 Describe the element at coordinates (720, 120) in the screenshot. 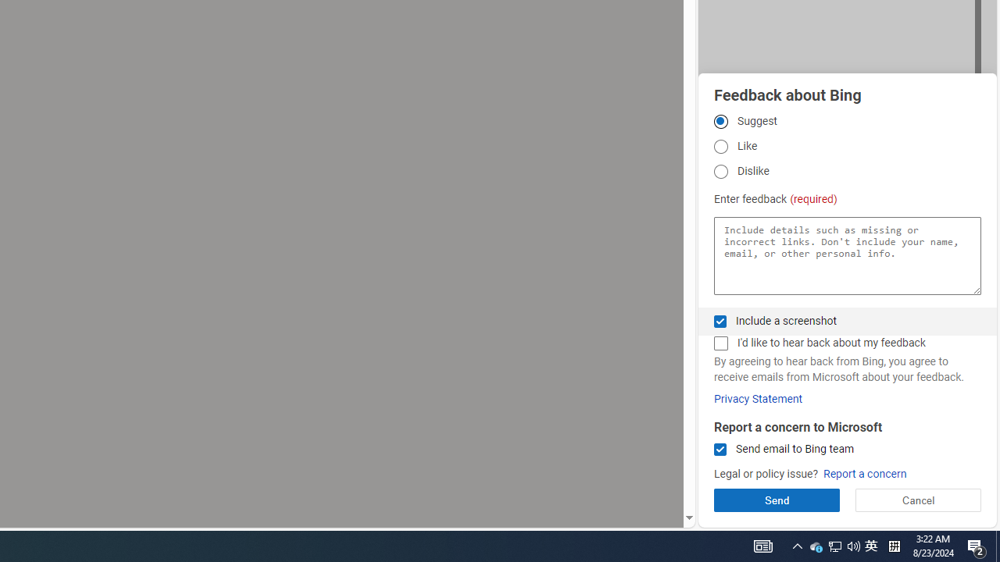

I see `'Suggest'` at that location.